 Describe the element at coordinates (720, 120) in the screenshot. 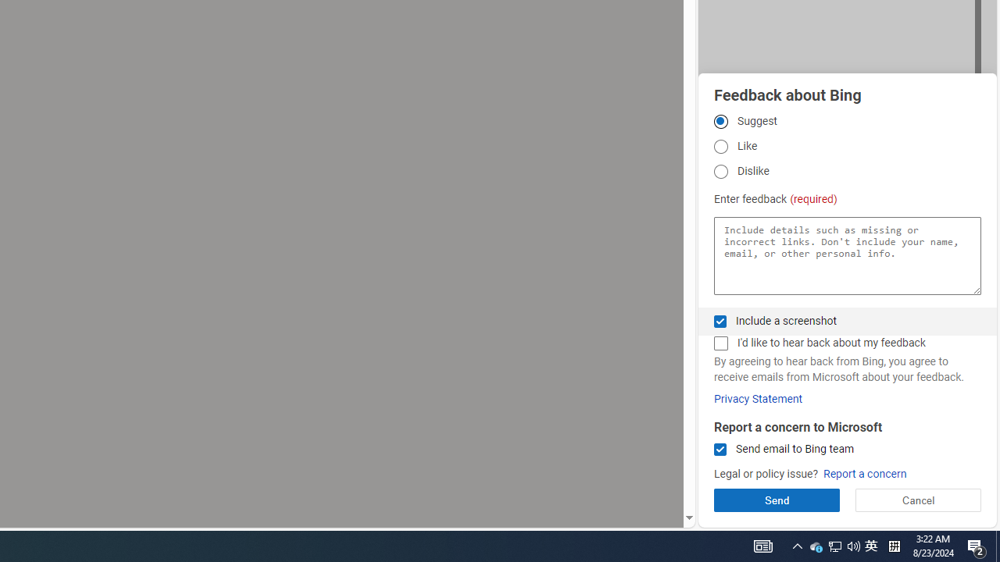

I see `'Suggest'` at that location.